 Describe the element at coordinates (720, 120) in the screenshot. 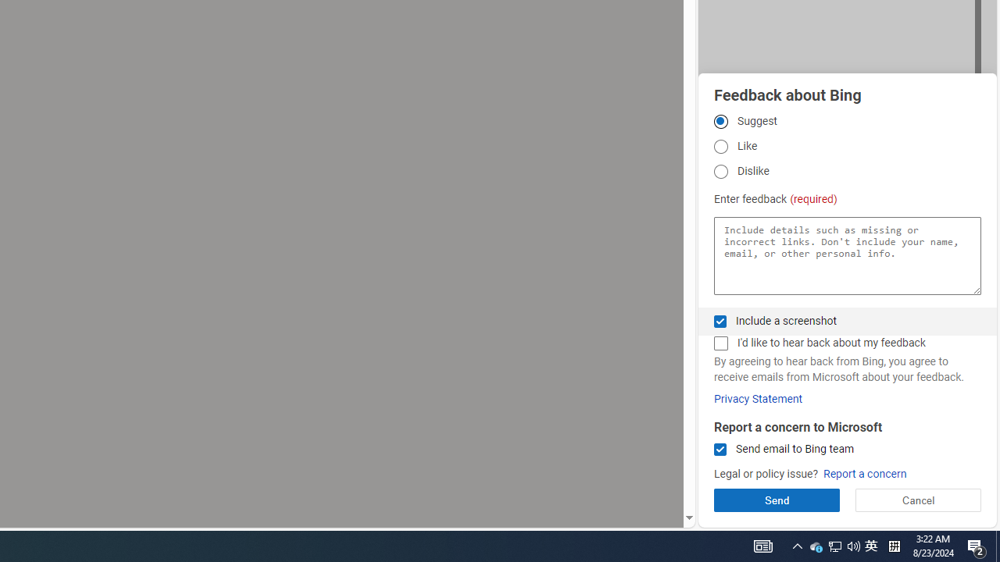

I see `'Suggest'` at that location.